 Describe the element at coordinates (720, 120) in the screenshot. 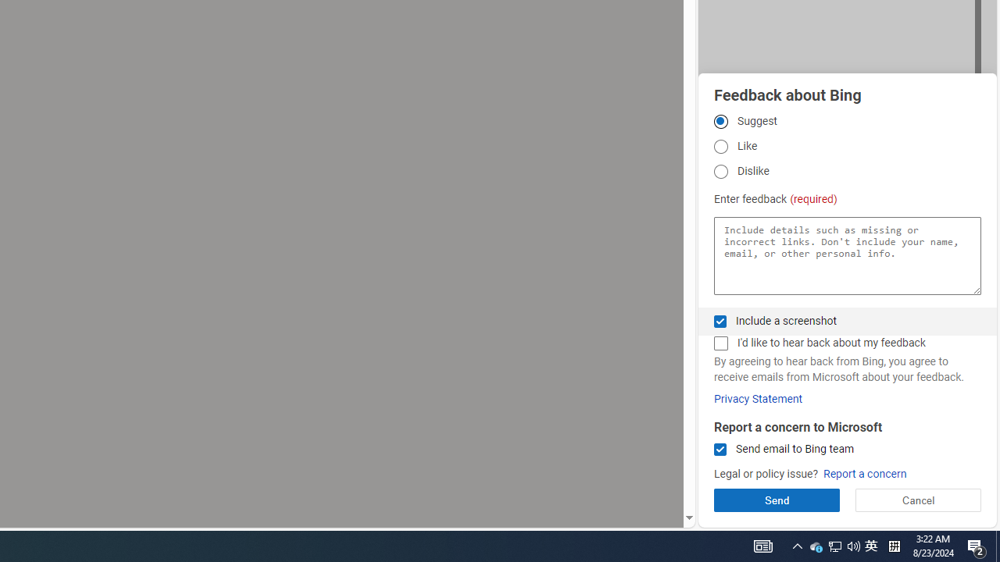

I see `'Suggest'` at that location.